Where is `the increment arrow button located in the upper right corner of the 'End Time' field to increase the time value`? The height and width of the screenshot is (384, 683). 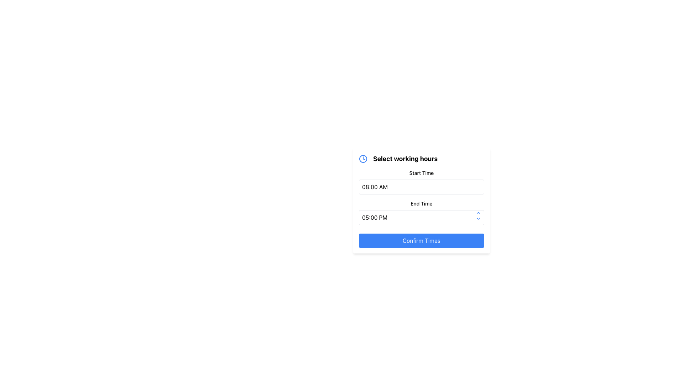
the increment arrow button located in the upper right corner of the 'End Time' field to increase the time value is located at coordinates (478, 215).